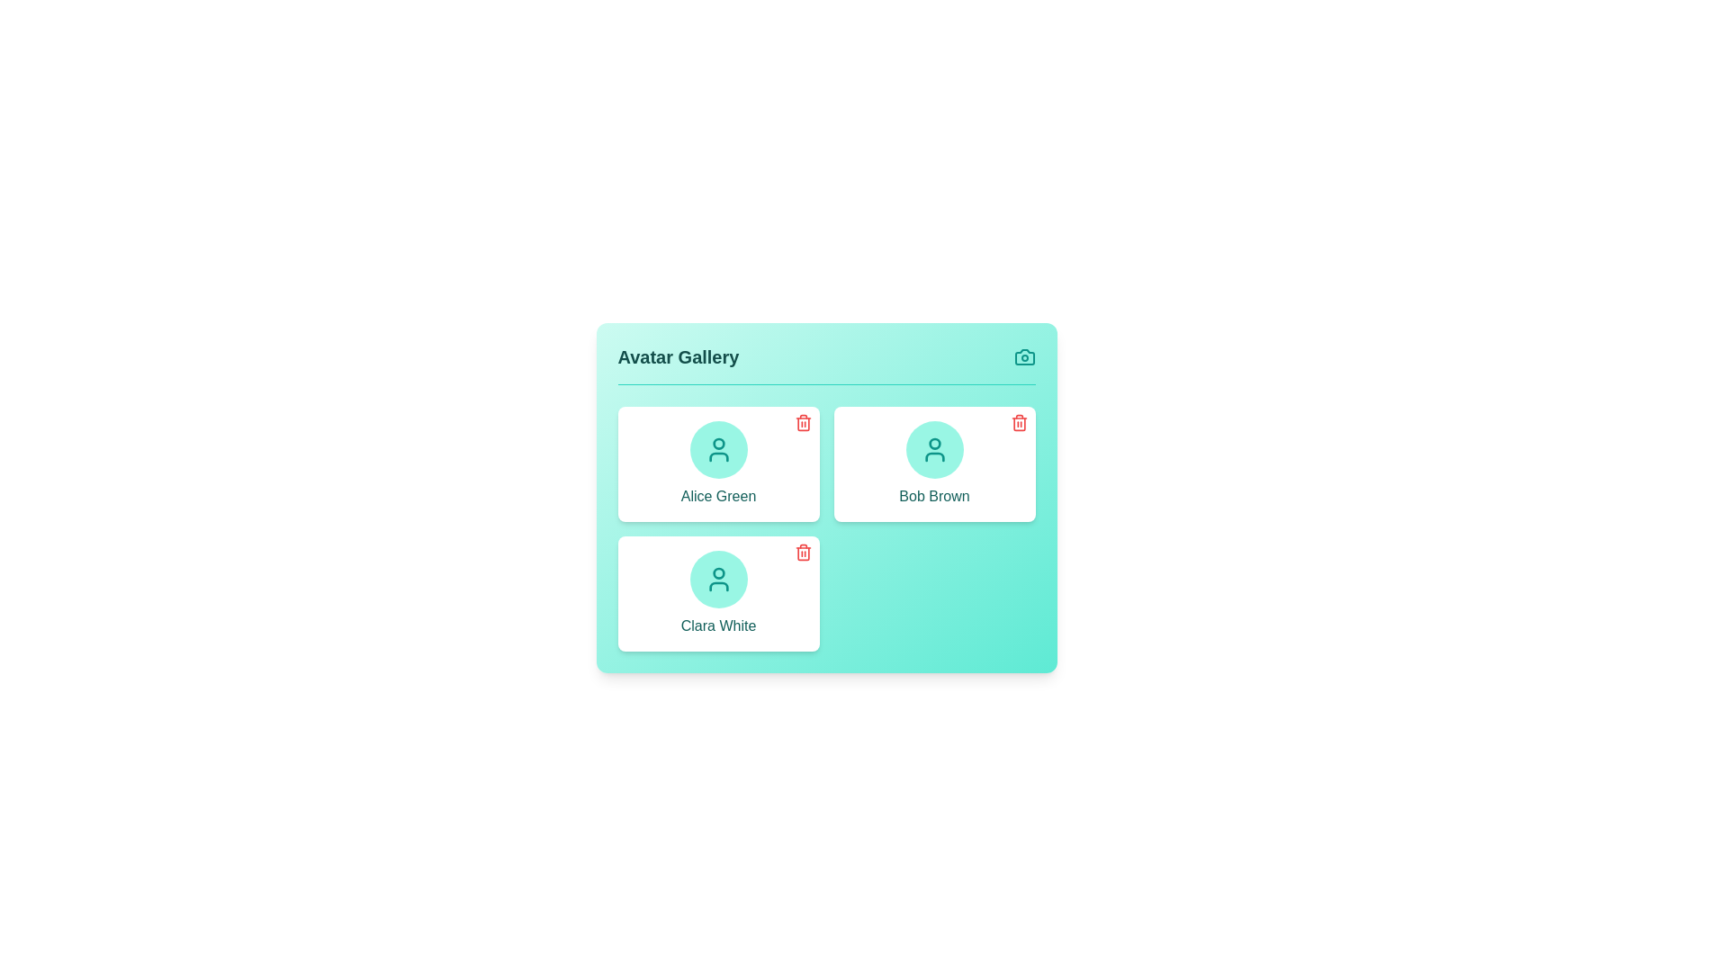  What do you see at coordinates (934, 449) in the screenshot?
I see `the visual representation of the user presence icon for 'Bob Brown', which is centered within a circular background in the rightmost card of the Avatar Gallery section` at bounding box center [934, 449].